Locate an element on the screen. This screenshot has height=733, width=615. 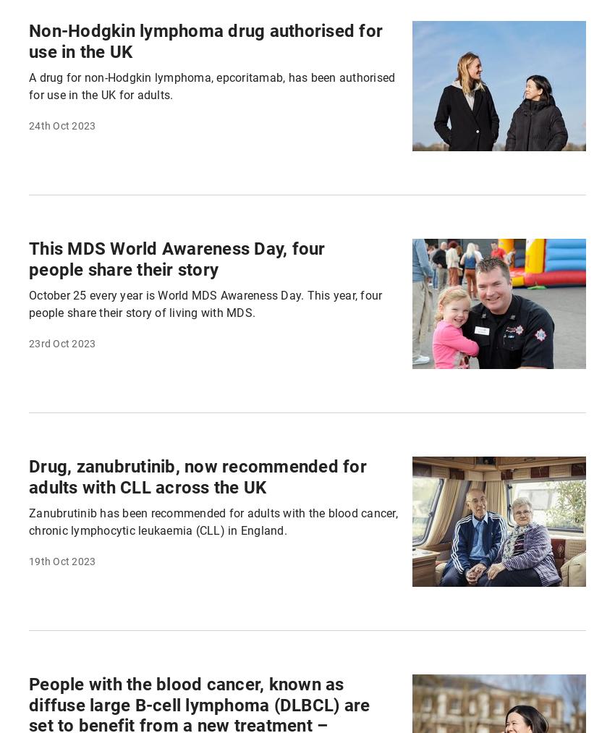
'Because together we can be the generation to beat blood cancer' is located at coordinates (28, 433).